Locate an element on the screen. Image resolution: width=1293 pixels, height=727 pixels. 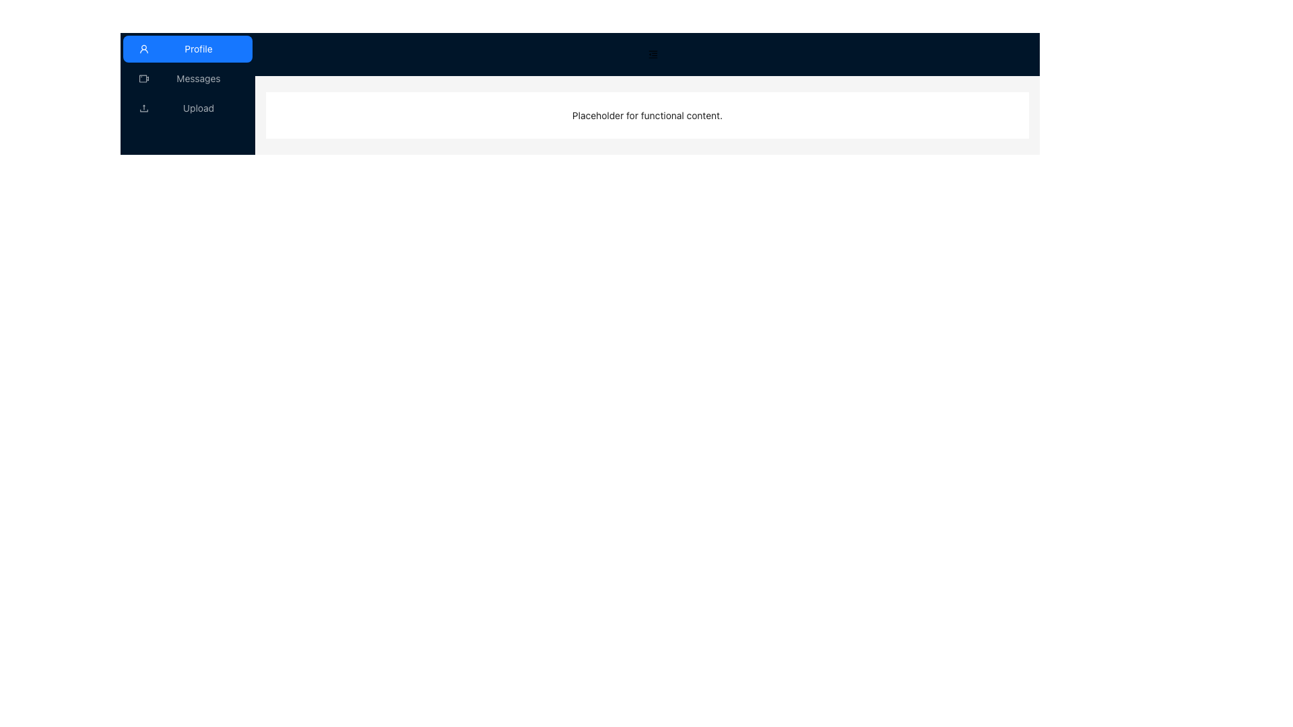
the 'Messages' menu item, which is the second item is located at coordinates (187, 78).